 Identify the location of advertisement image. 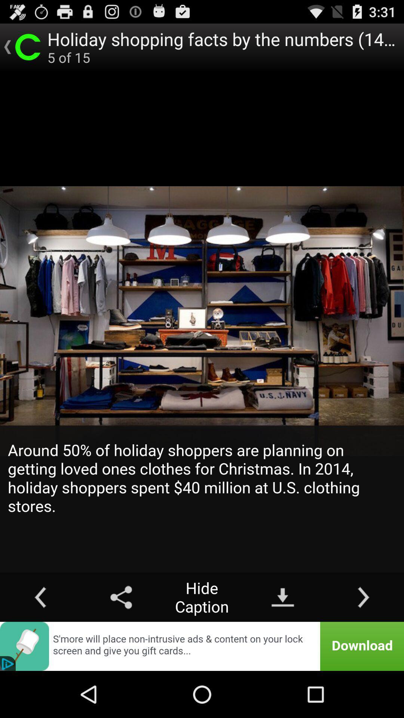
(202, 646).